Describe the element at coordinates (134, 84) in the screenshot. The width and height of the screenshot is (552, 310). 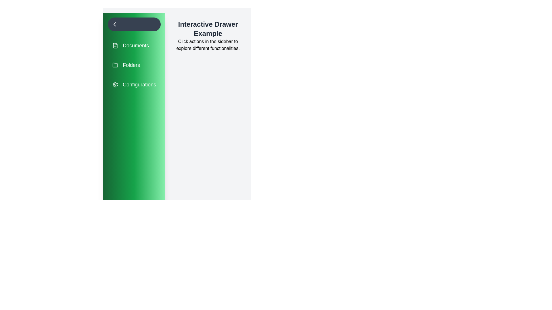
I see `the menu item labeled 'Configurations' to highlight it` at that location.